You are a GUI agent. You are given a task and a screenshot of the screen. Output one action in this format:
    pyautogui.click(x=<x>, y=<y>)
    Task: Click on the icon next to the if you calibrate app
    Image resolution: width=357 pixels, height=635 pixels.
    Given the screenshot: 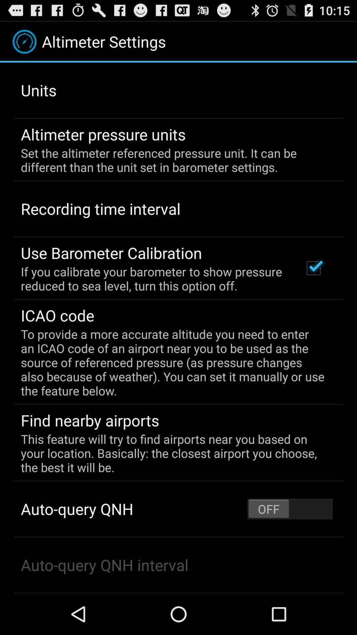 What is the action you would take?
    pyautogui.click(x=313, y=268)
    